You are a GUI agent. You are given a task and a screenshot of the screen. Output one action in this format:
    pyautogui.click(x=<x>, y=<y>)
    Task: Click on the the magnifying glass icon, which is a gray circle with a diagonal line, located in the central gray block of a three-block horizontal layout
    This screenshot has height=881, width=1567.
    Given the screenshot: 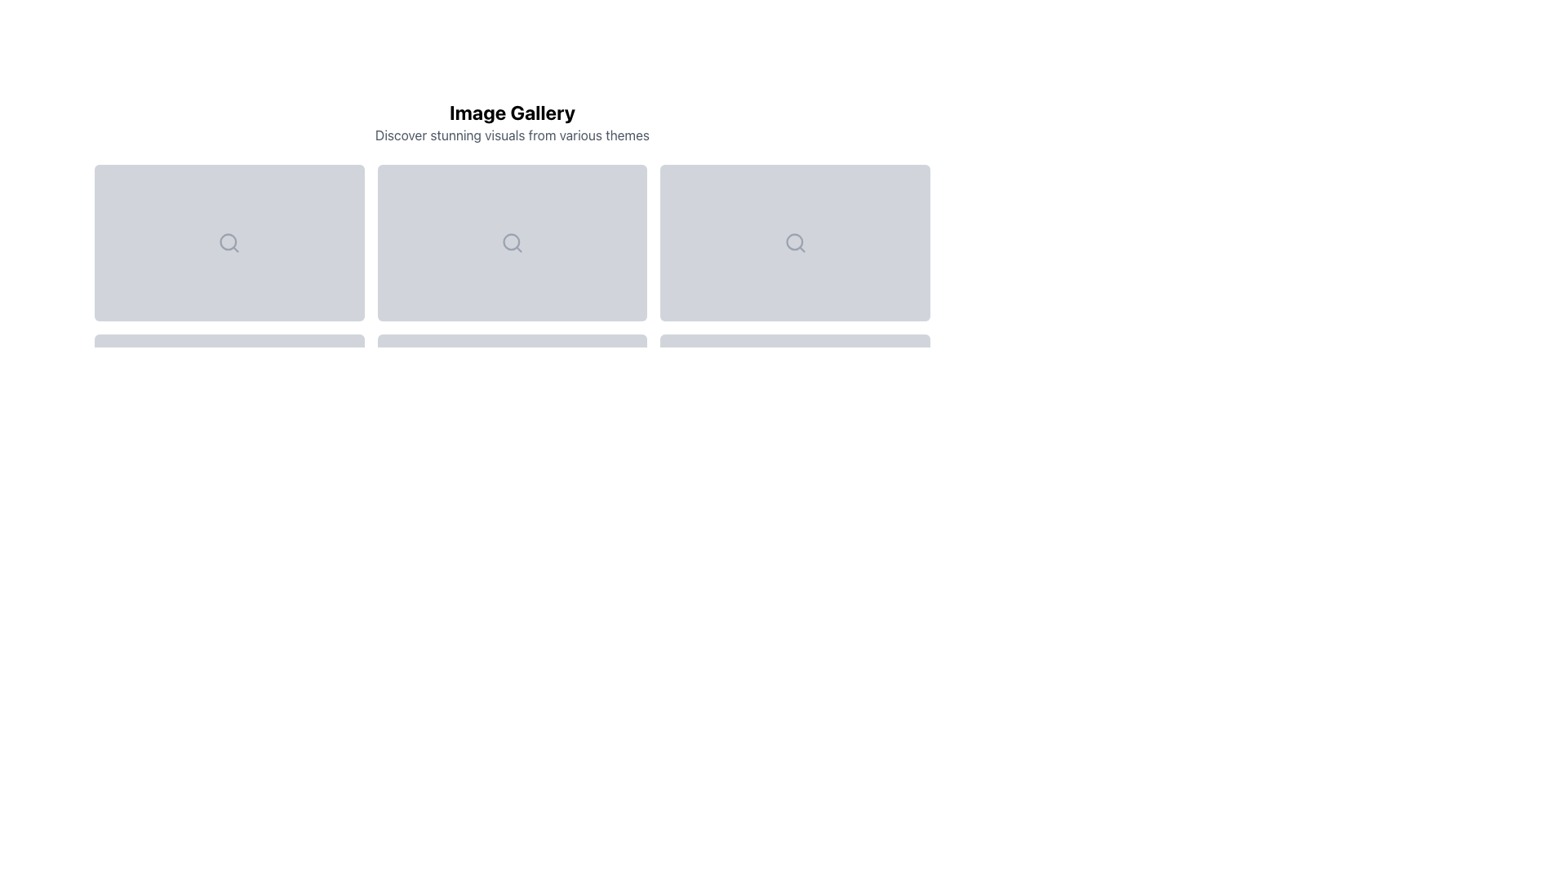 What is the action you would take?
    pyautogui.click(x=795, y=242)
    